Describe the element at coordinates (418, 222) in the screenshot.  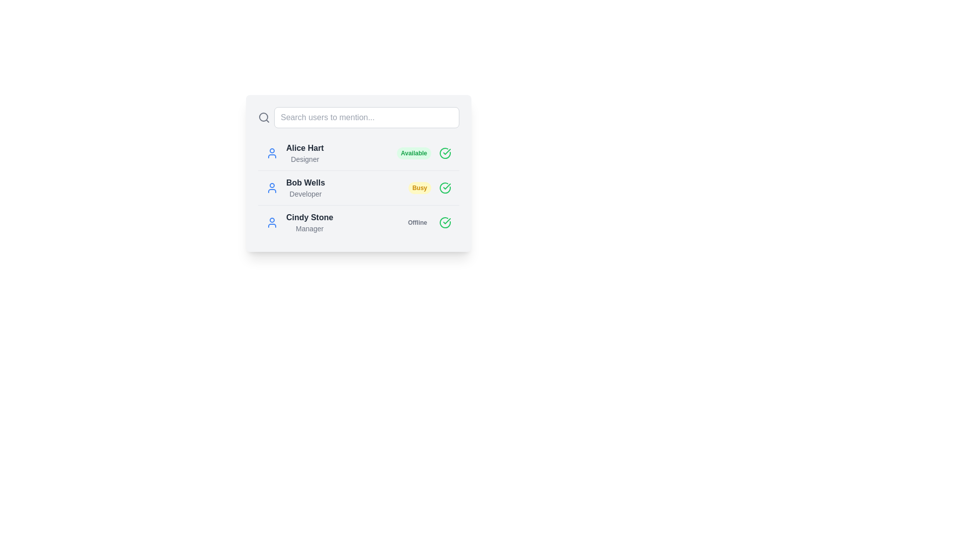
I see `the rounded rectangular status indicator badge with light gray background and 'Offline' text, located next to Cindy Stone's name in the list` at that location.